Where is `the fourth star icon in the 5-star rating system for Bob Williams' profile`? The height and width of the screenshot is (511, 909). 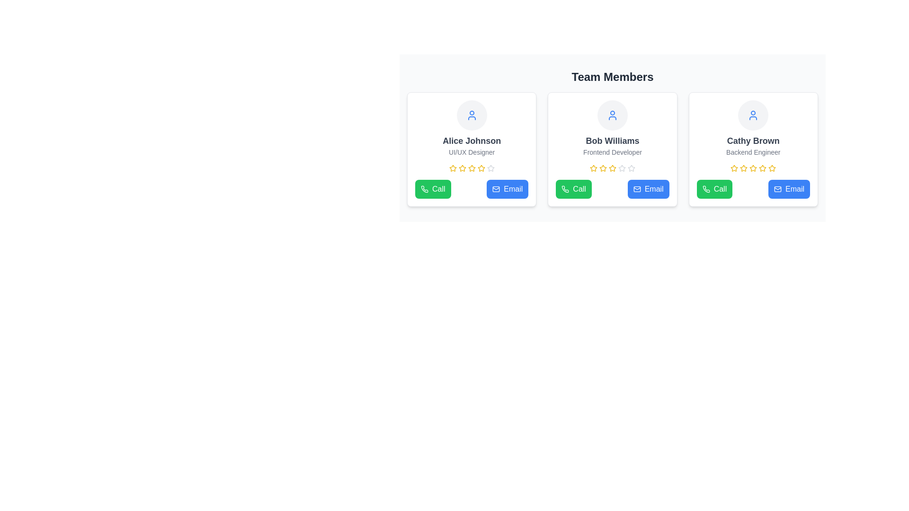
the fourth star icon in the 5-star rating system for Bob Williams' profile is located at coordinates (612, 167).